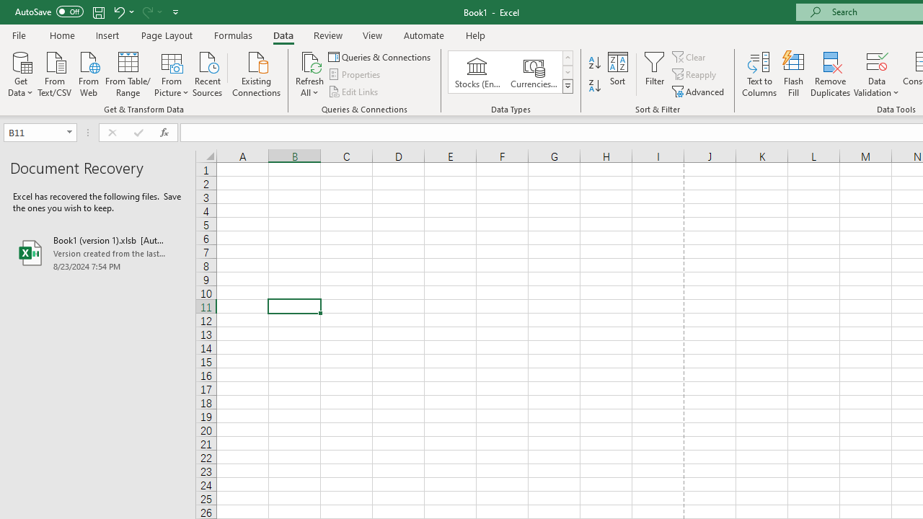 The height and width of the screenshot is (519, 923). What do you see at coordinates (61, 35) in the screenshot?
I see `'Home'` at bounding box center [61, 35].